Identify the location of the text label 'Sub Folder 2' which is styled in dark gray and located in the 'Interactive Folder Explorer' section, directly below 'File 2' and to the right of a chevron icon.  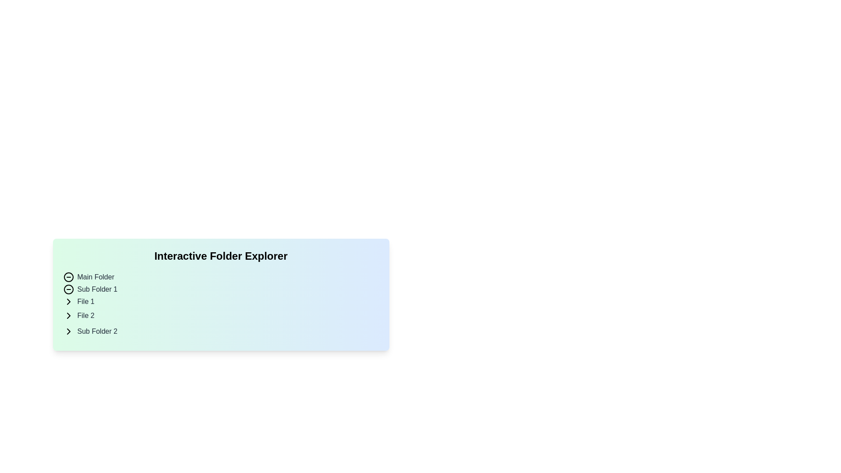
(97, 331).